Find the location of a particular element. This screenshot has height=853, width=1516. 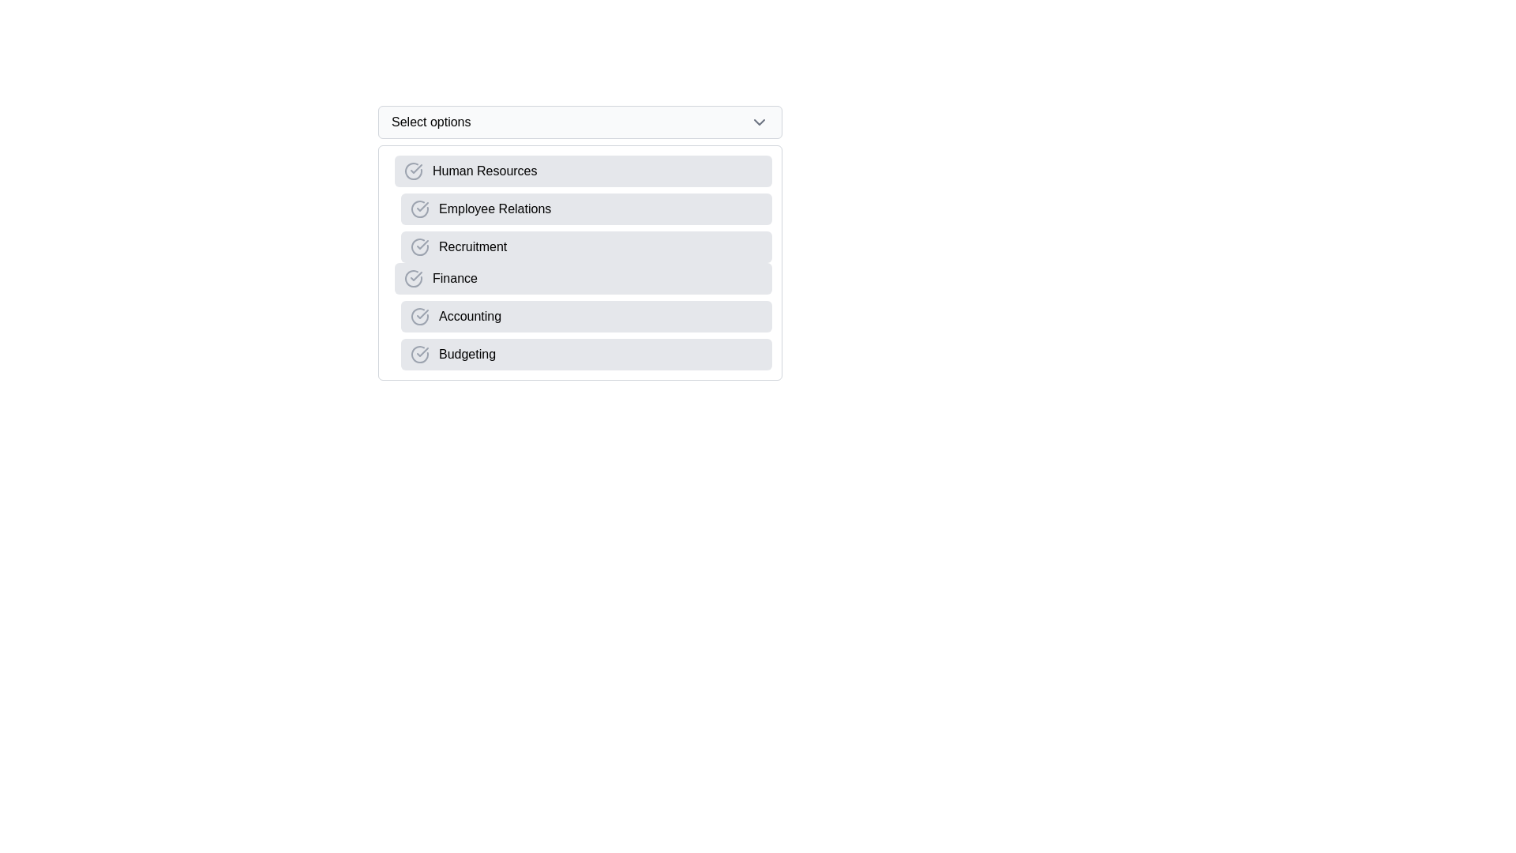

the 'Recruitment' category dropdown list item, which is the third item in the dropdown menu is located at coordinates (579, 243).